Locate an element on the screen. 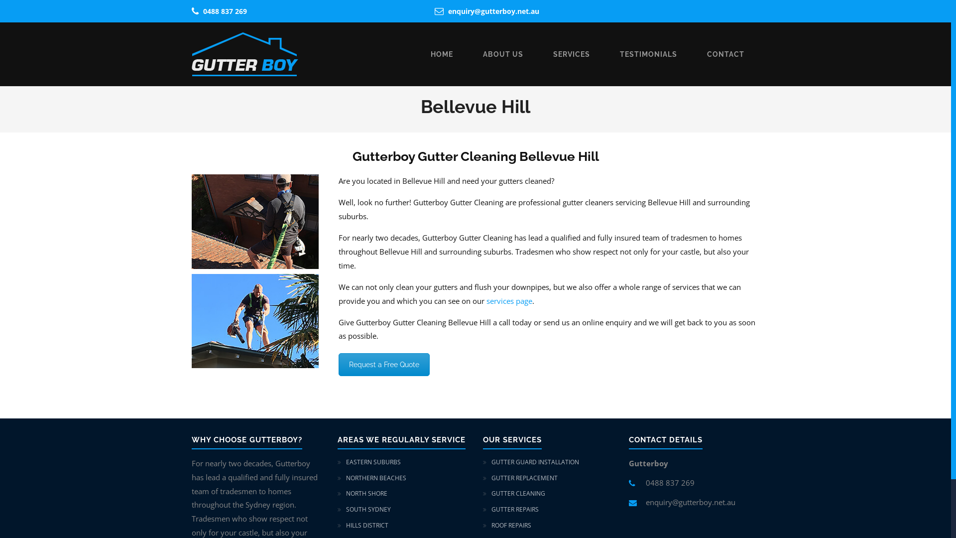 The width and height of the screenshot is (956, 538). 'SERVICES' is located at coordinates (571, 54).